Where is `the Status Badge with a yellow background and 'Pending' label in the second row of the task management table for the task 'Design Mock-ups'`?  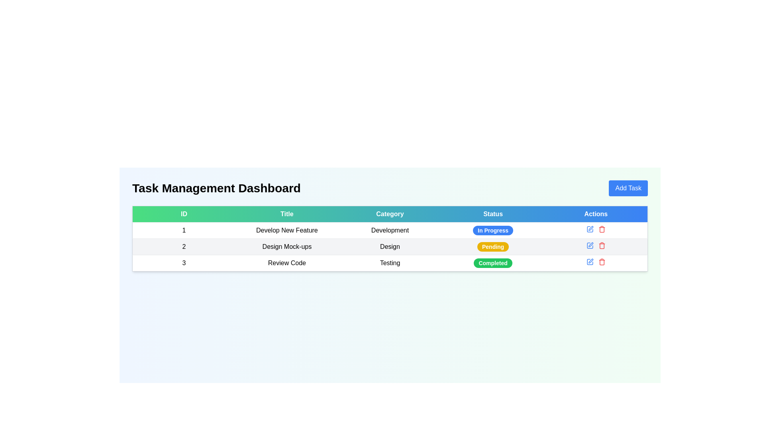
the Status Badge with a yellow background and 'Pending' label in the second row of the task management table for the task 'Design Mock-ups' is located at coordinates (492, 246).